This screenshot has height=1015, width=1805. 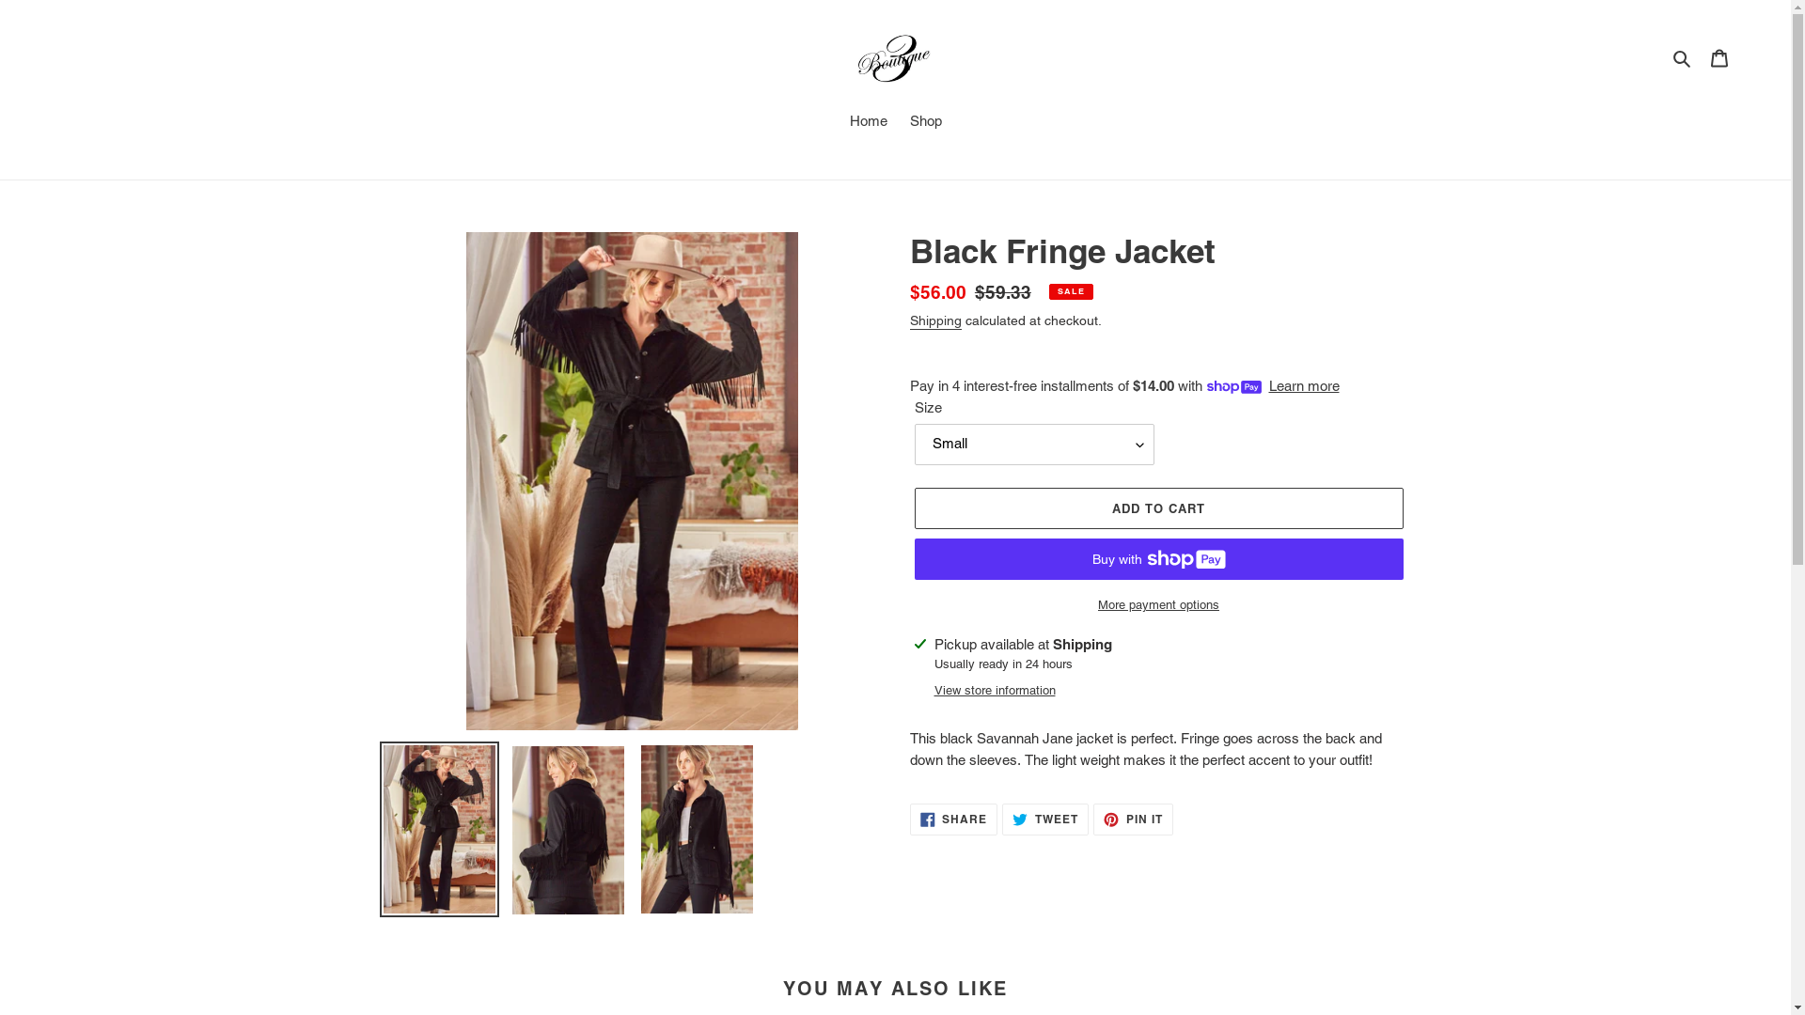 I want to click on 'ADD TO CART', so click(x=1157, y=507).